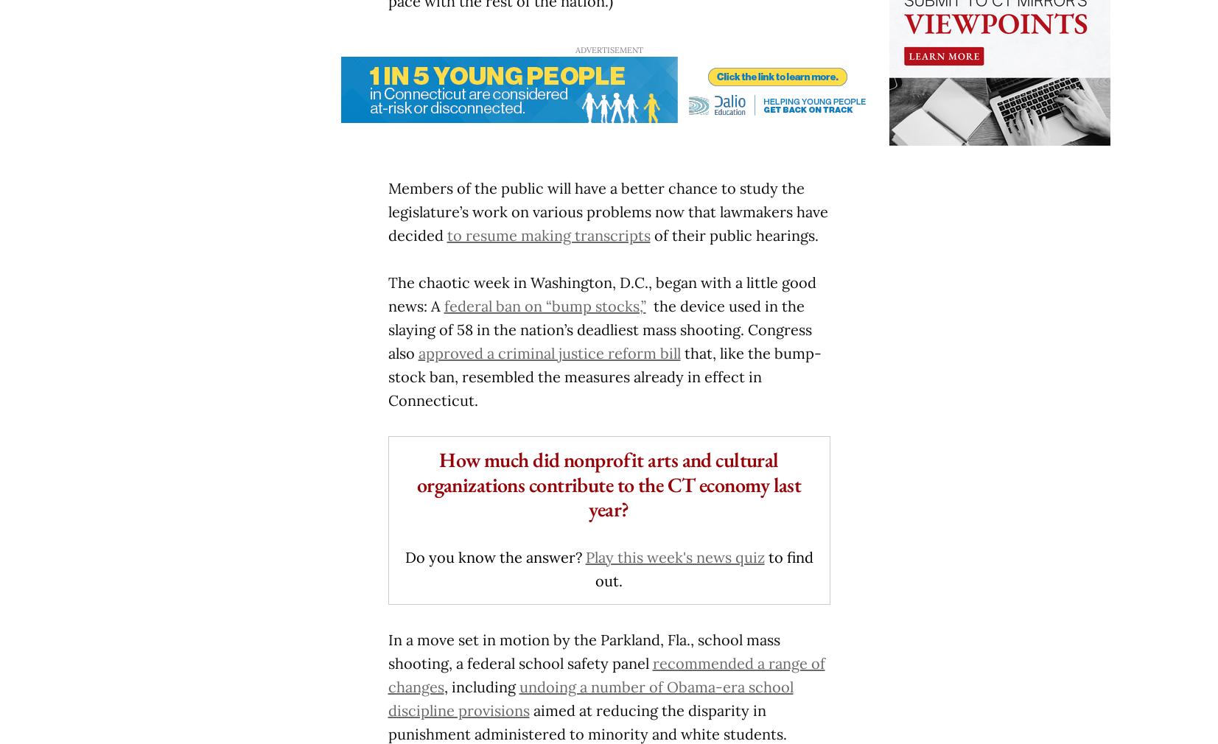  I want to click on 'to resume making transcripts', so click(445, 235).